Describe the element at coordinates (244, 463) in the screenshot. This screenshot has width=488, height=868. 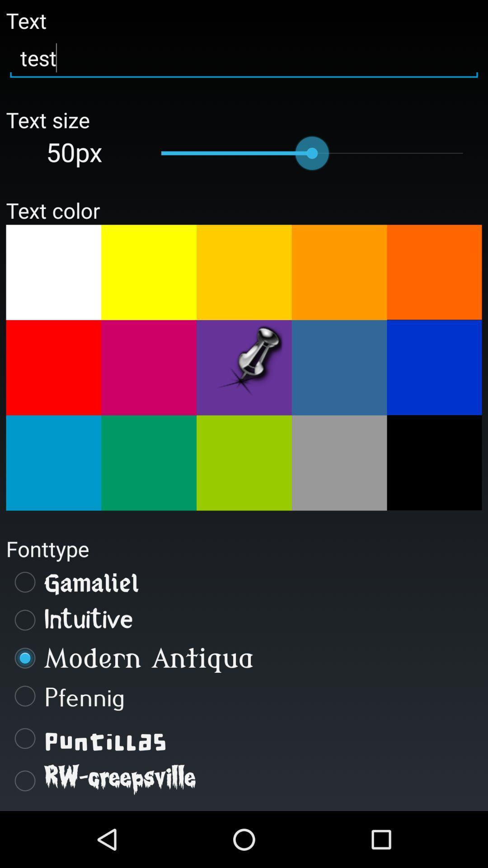
I see `the light green option` at that location.